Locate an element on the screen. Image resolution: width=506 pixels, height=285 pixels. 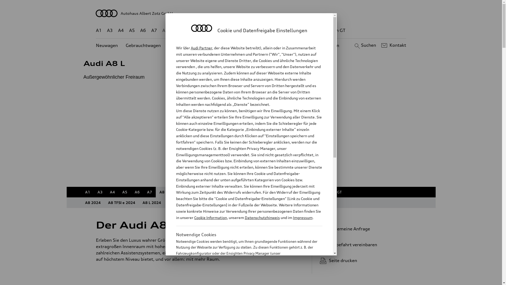
'A8 L 2024' is located at coordinates (151, 202).